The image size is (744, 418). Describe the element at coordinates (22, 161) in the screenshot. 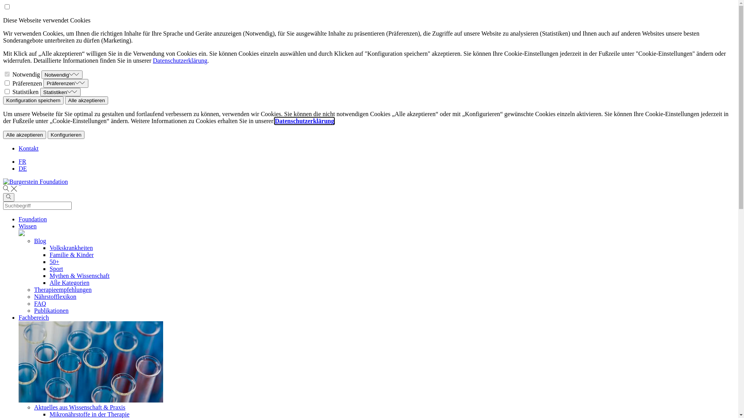

I see `'FR'` at that location.